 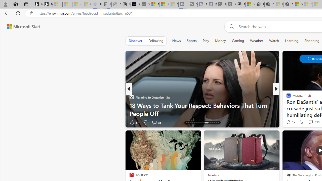 What do you see at coordinates (135, 40) in the screenshot?
I see `'Discover'` at bounding box center [135, 40].